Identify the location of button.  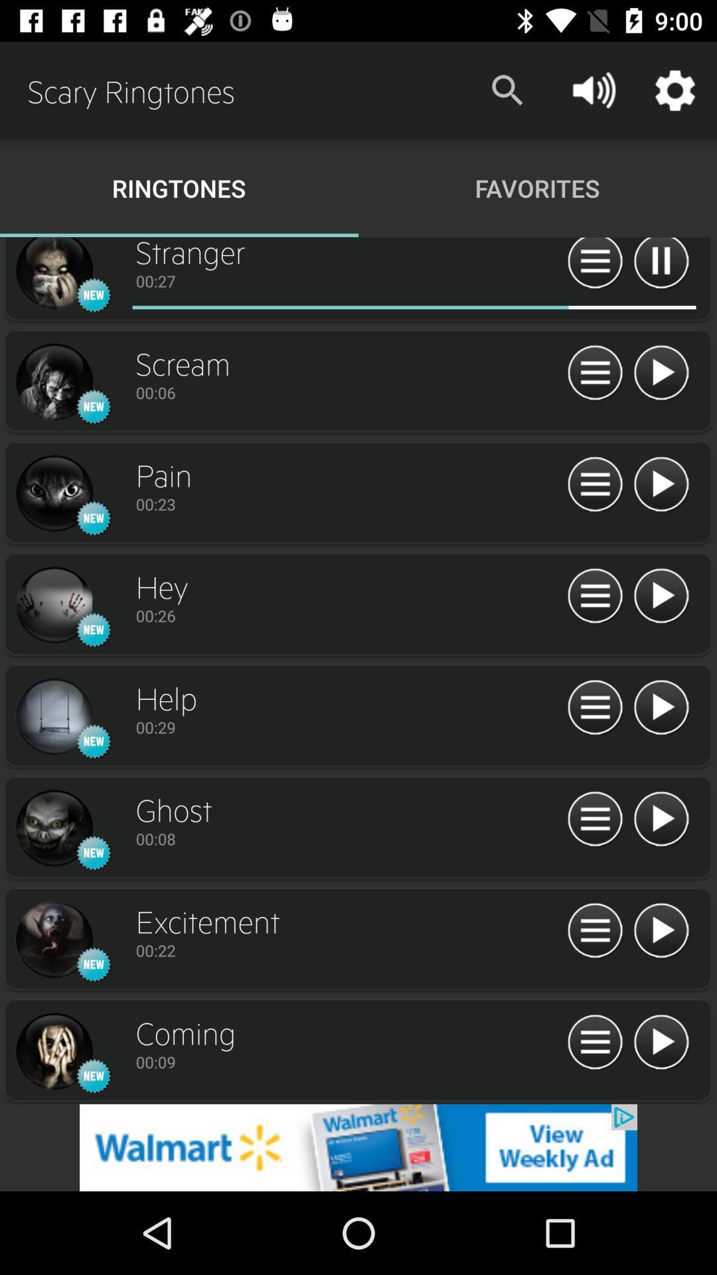
(661, 484).